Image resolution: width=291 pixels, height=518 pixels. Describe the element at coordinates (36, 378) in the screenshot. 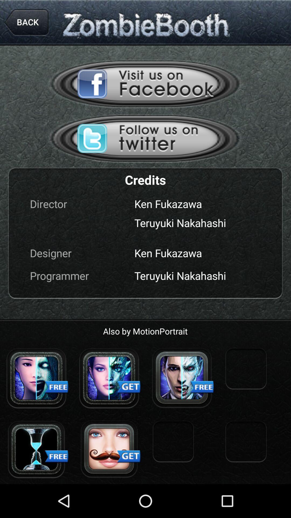

I see `open app details` at that location.